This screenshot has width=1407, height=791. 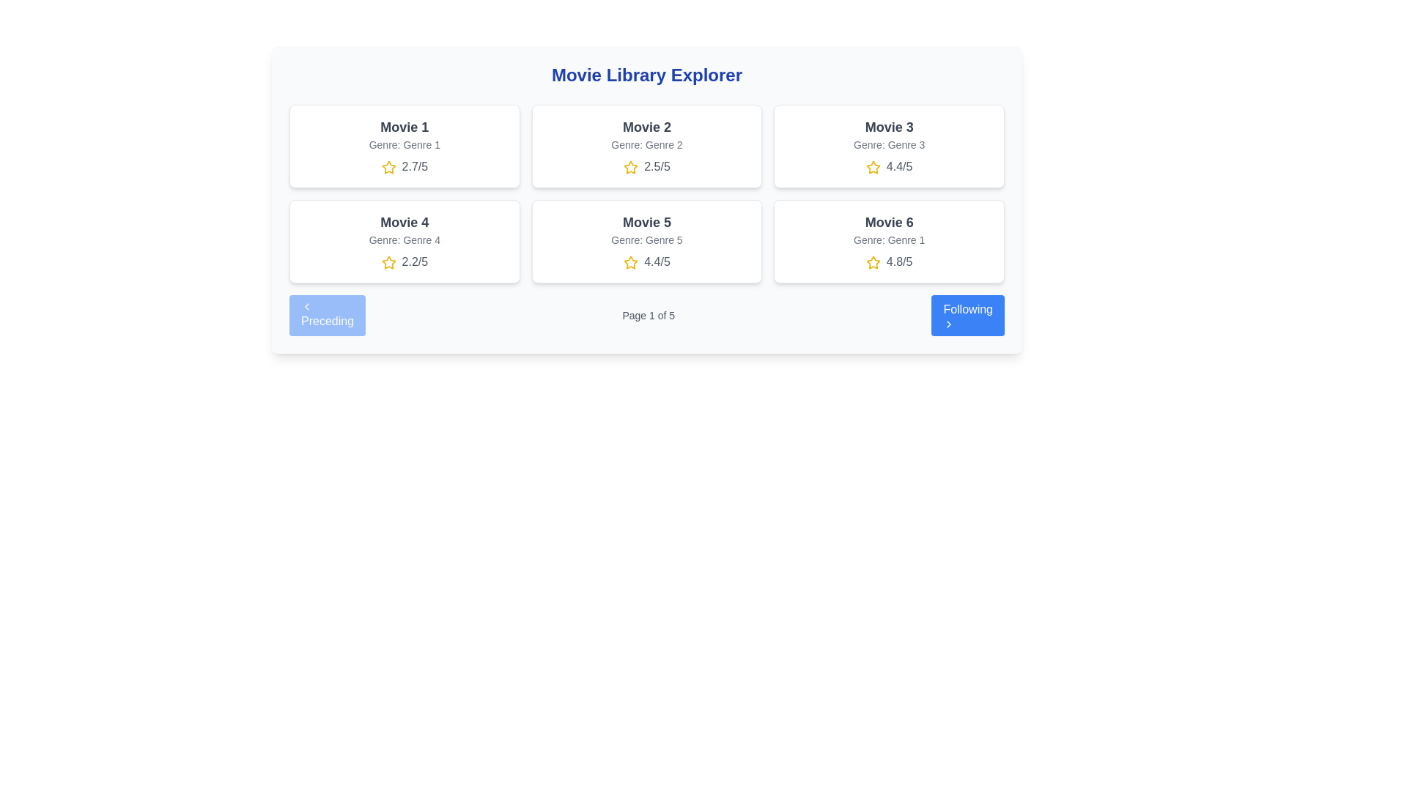 I want to click on the text label displaying '4.4/5', which is styled in a small light gray font and located to the right of a yellow star icon, within the 'Movie 3' box, so click(x=888, y=166).